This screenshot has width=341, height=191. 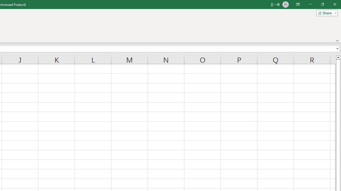 I want to click on 'Restore Down', so click(x=322, y=4).